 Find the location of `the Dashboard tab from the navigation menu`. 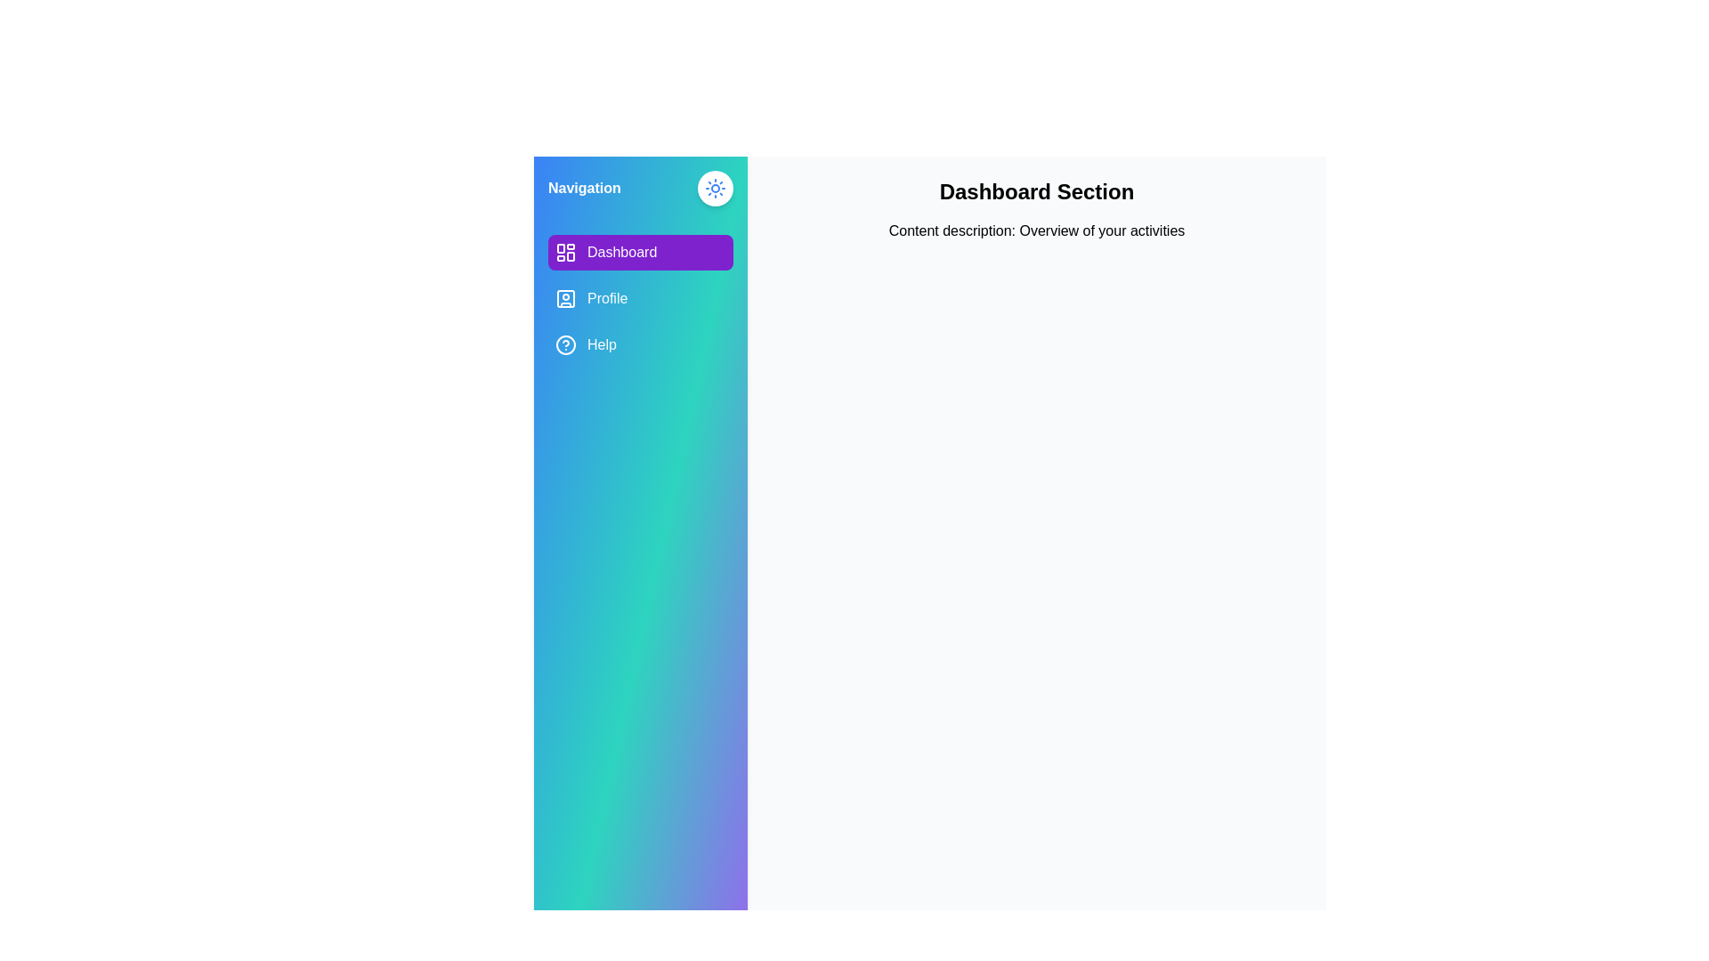

the Dashboard tab from the navigation menu is located at coordinates (641, 253).